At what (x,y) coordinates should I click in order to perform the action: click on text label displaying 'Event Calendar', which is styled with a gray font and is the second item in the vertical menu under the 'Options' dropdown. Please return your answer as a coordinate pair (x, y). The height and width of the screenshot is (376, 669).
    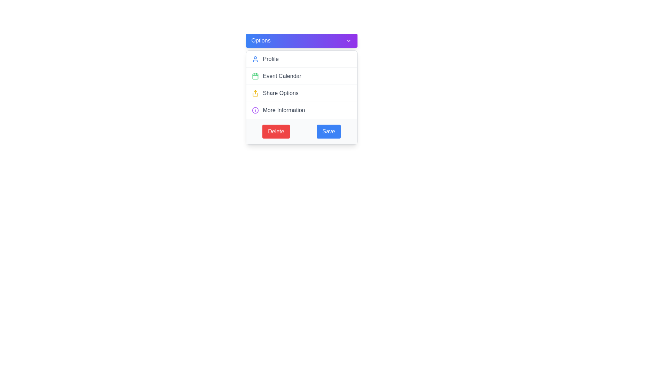
    Looking at the image, I should click on (282, 76).